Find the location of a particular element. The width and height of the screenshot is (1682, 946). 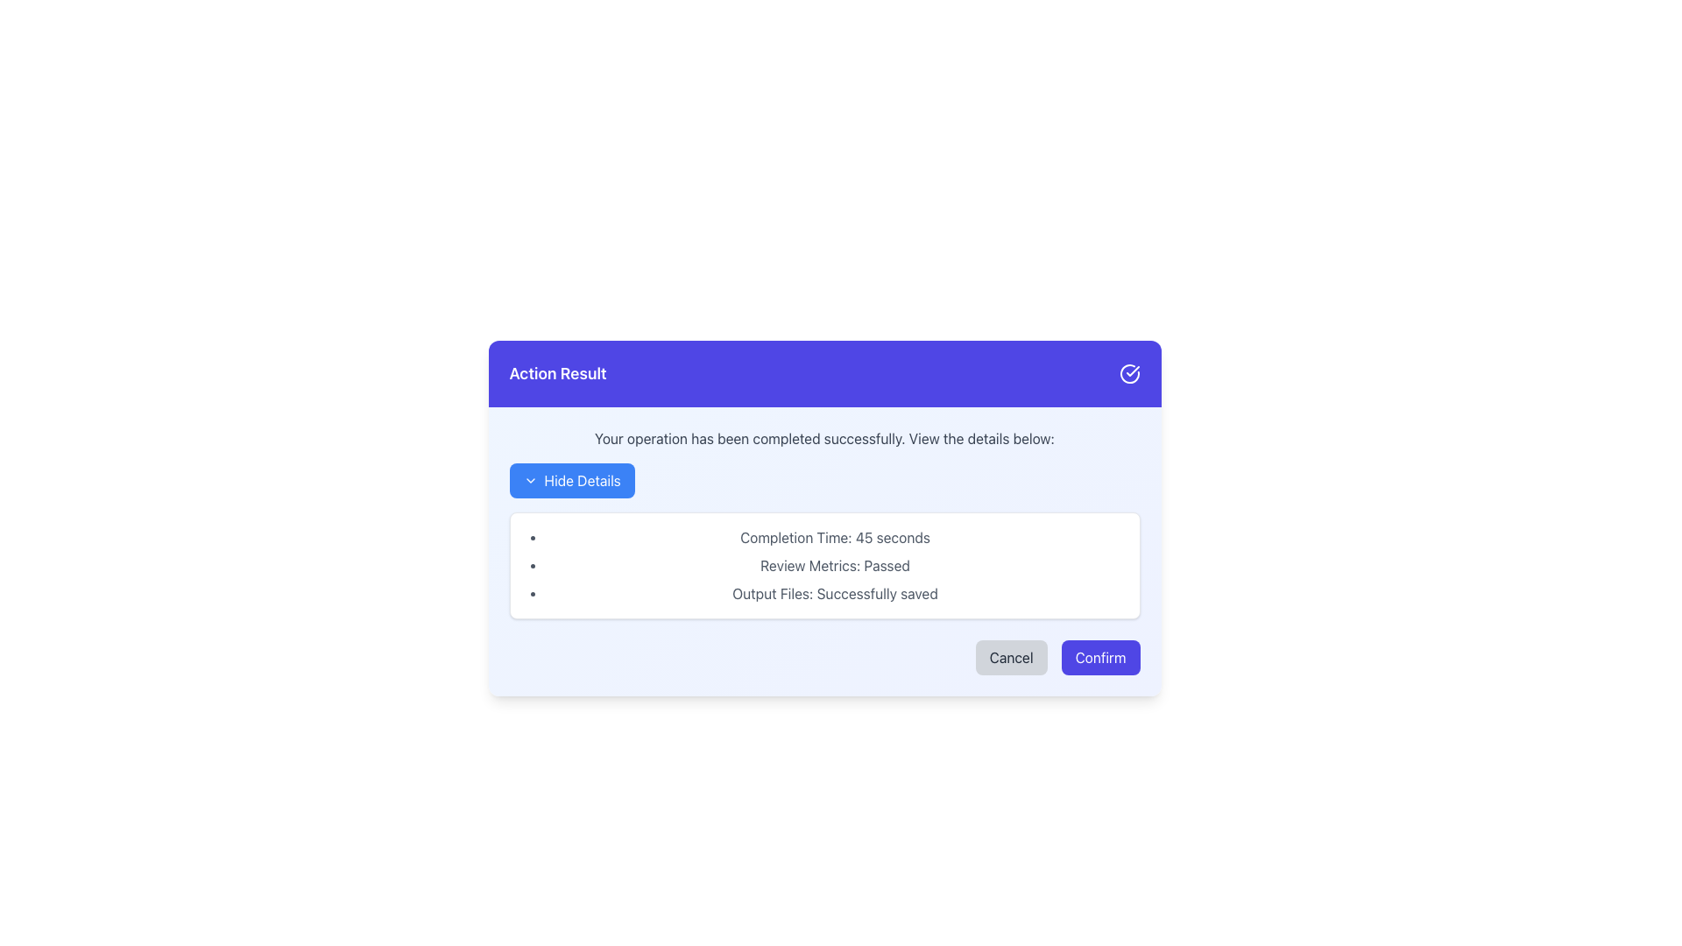

information displayed in the interactive dialog box that informs the user about the completion of an operation, with the title 'Action Result' above it is located at coordinates (823, 550).